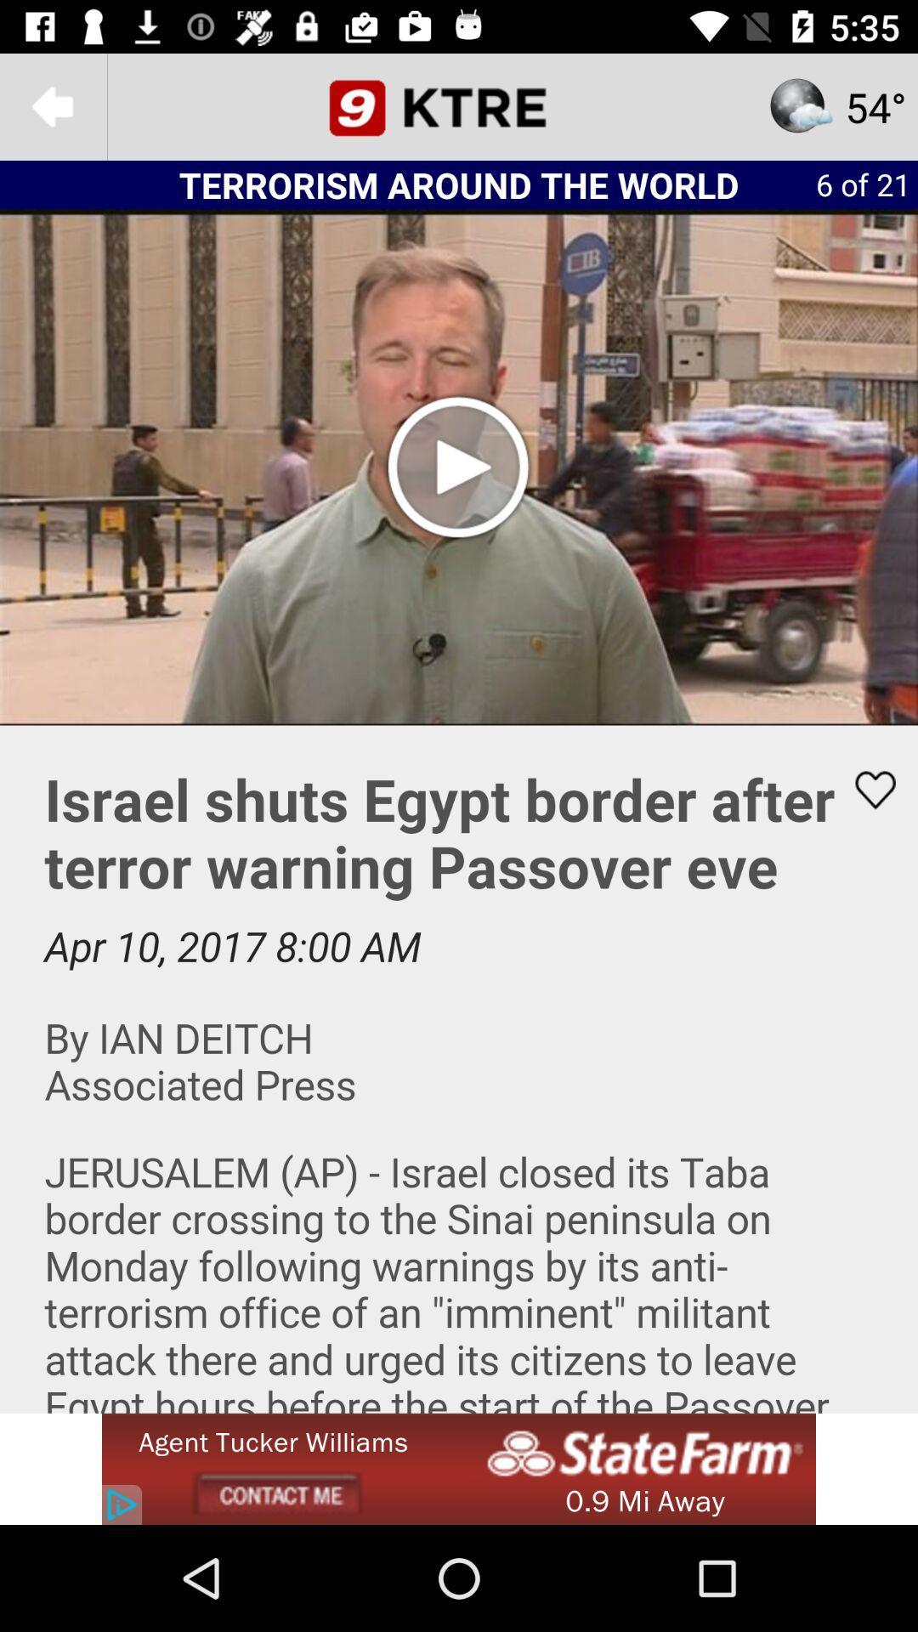 This screenshot has height=1632, width=918. I want to click on this article, so click(864, 789).